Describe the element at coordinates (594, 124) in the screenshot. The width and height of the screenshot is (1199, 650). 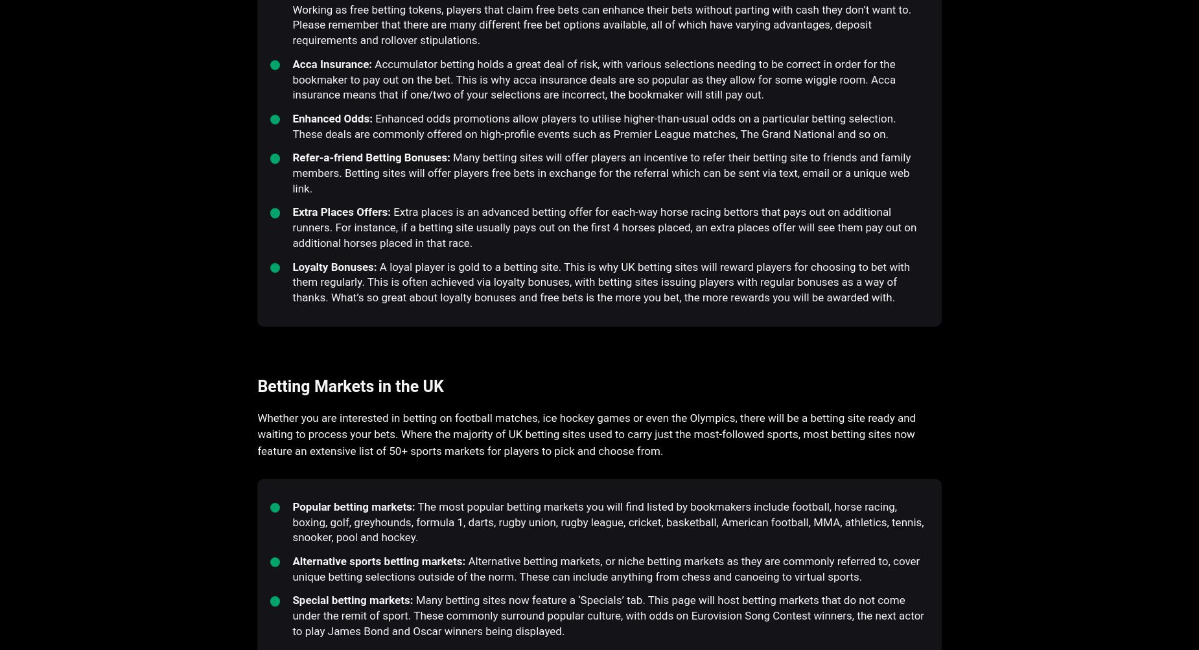
I see `'Enhanced odds promotions allow players to utilise higher-than-usual odds on a particular betting selection. These deals are commonly offered on high-profile events such as Premier League matches, The Grand National and so on.'` at that location.